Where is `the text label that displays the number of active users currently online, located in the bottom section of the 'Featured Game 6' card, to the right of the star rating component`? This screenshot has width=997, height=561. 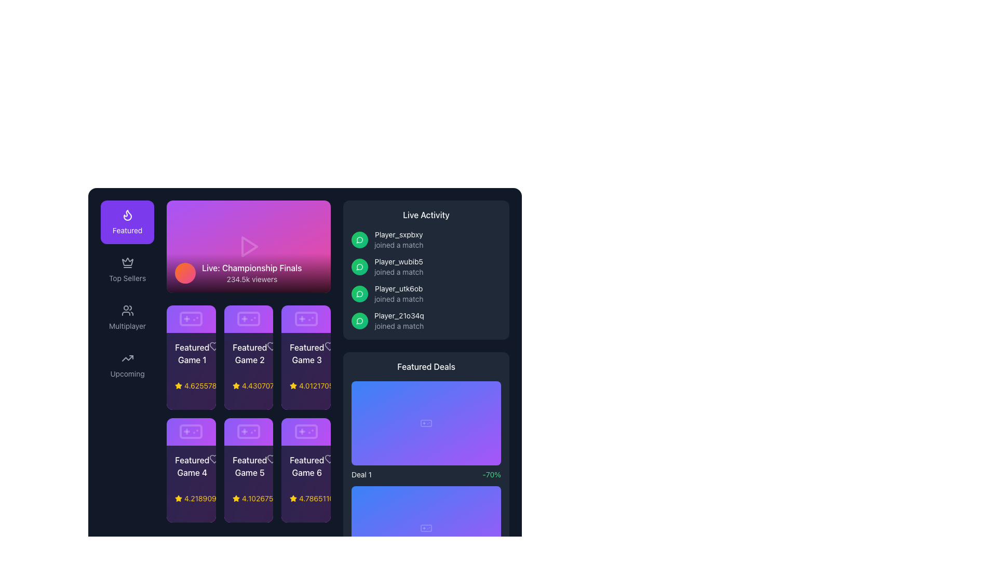 the text label that displays the number of active users currently online, located in the bottom section of the 'Featured Game 6' card, to the right of the star rating component is located at coordinates (326, 498).